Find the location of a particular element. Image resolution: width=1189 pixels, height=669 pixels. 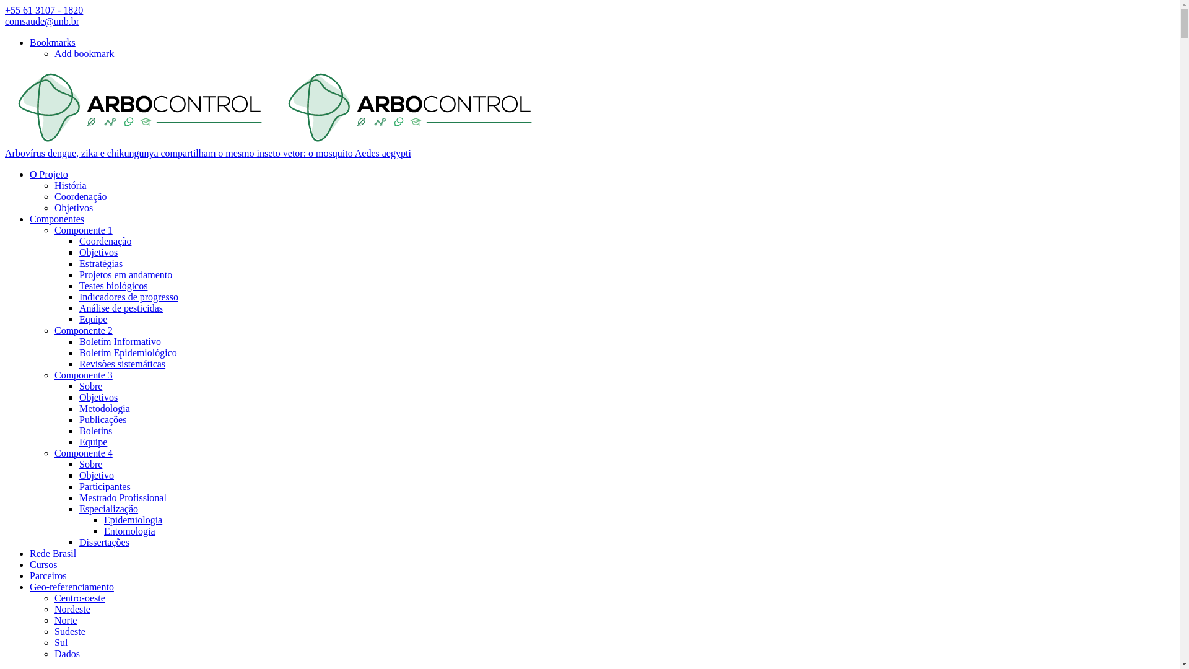

'Sudeste' is located at coordinates (53, 631).